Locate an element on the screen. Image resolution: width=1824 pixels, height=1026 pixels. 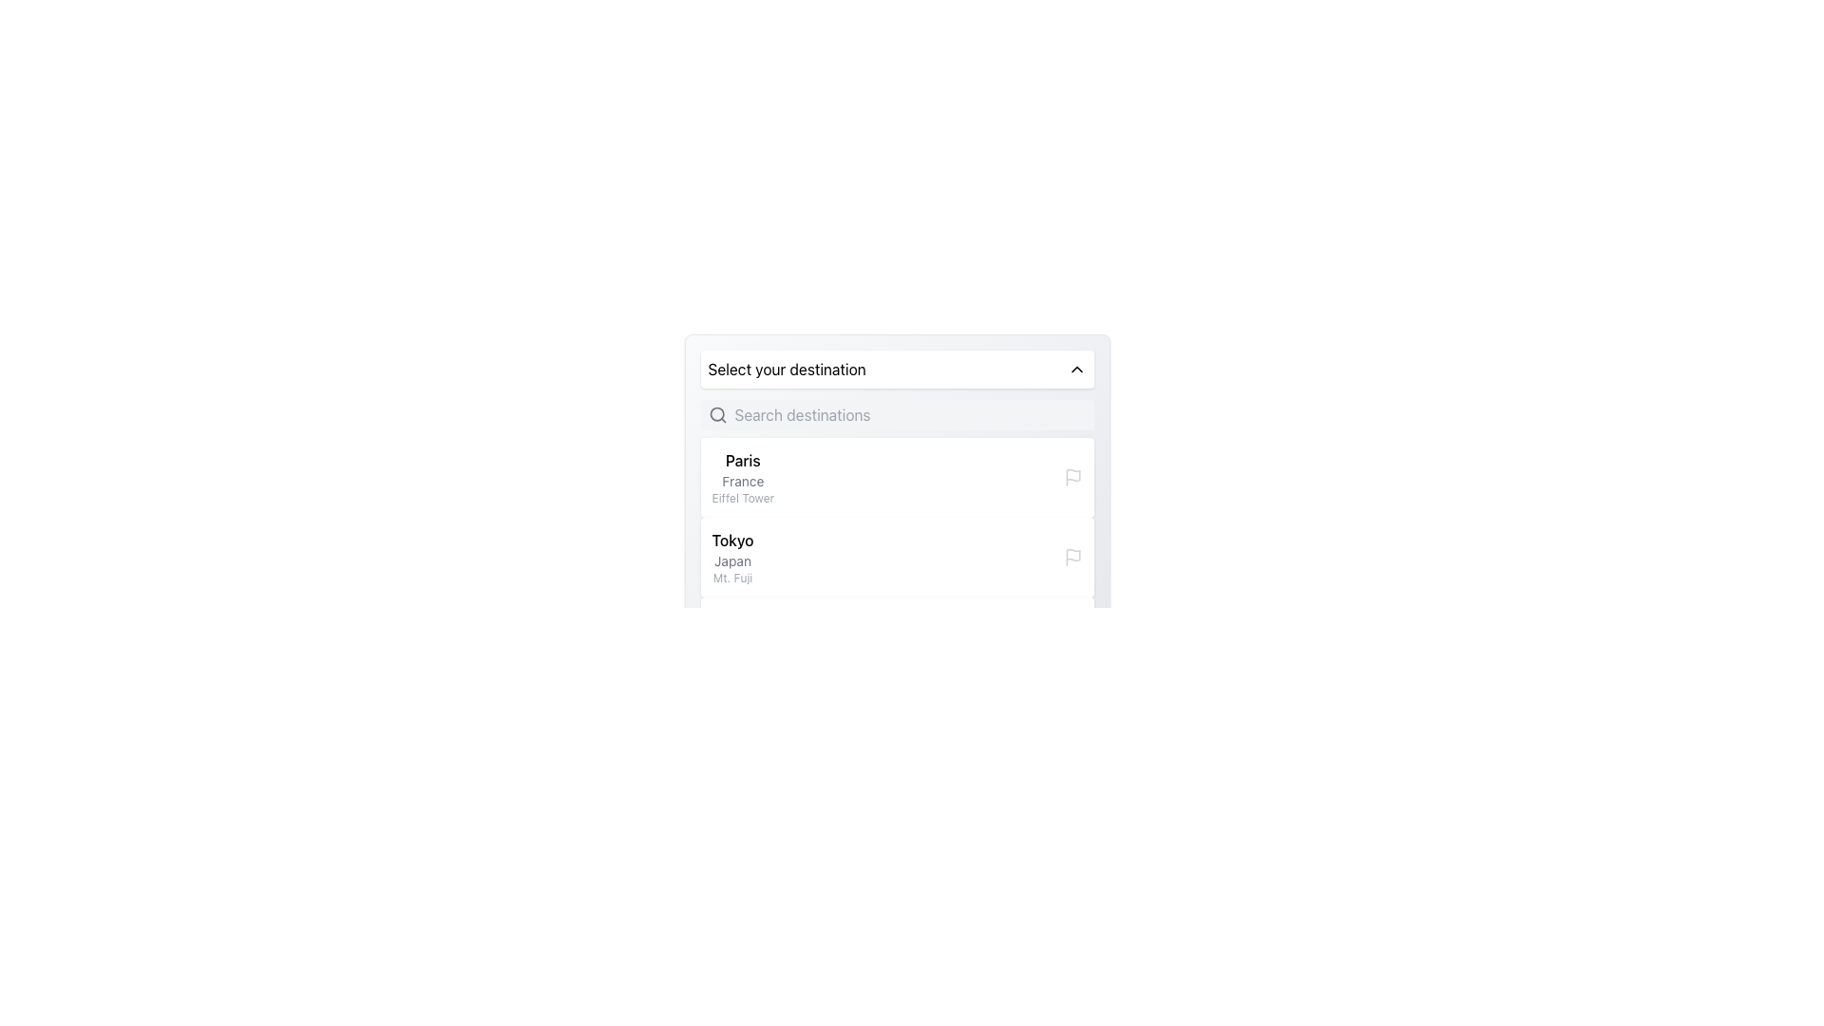
the flag icon located to the right of the text details for 'Paris, France' in the list of destinations is located at coordinates (1073, 474).